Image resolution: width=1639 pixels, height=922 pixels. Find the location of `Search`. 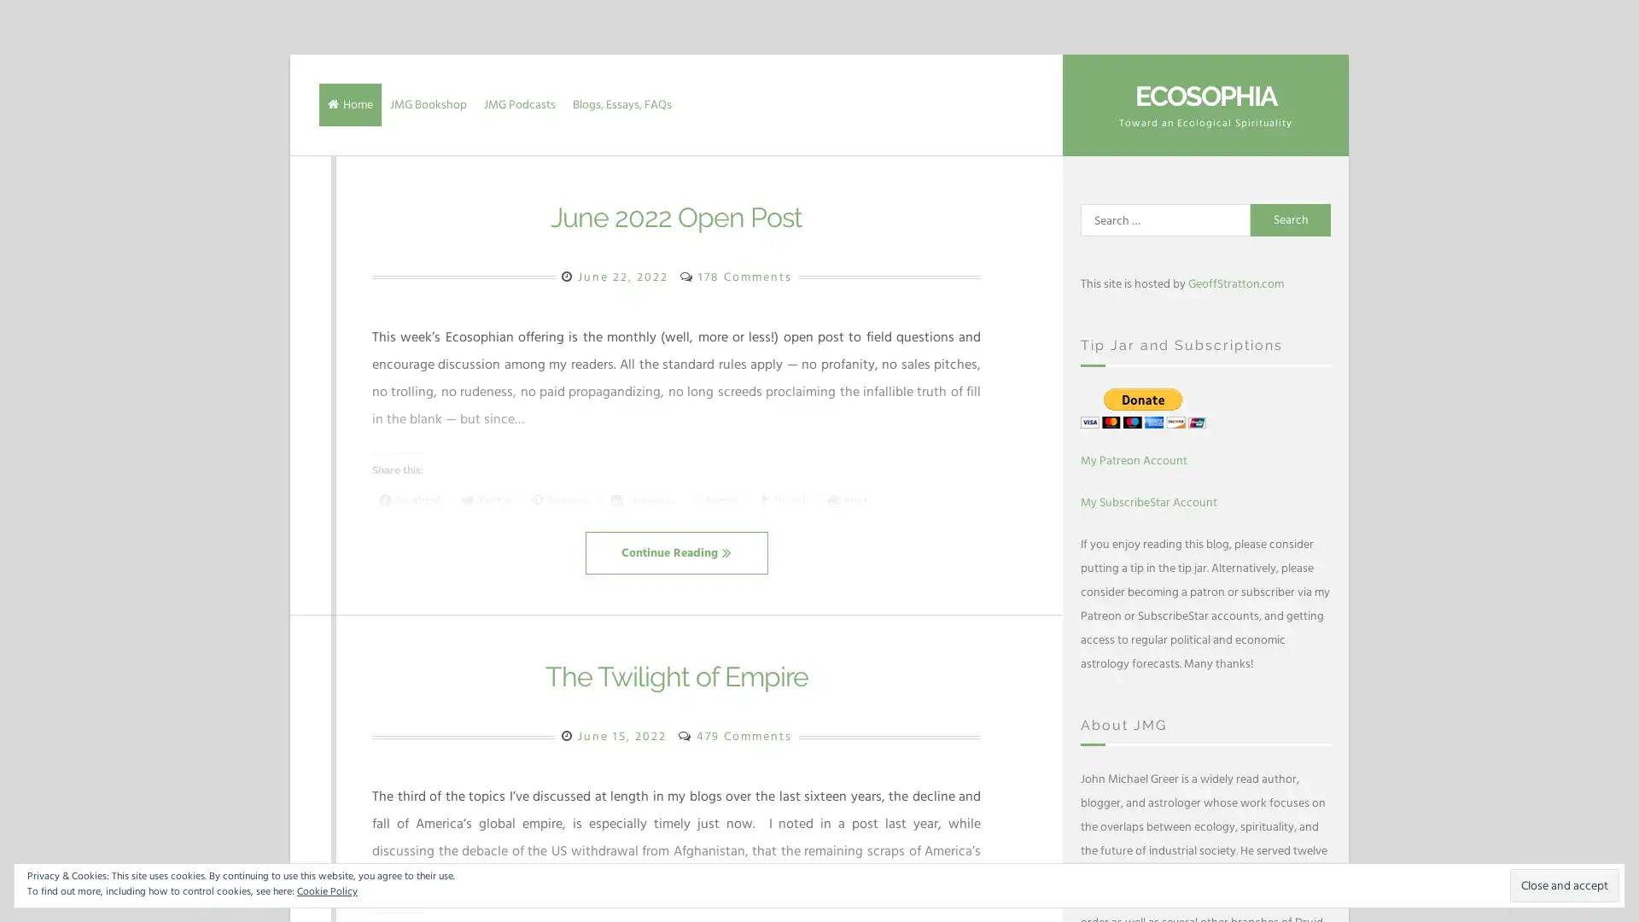

Search is located at coordinates (1291, 219).